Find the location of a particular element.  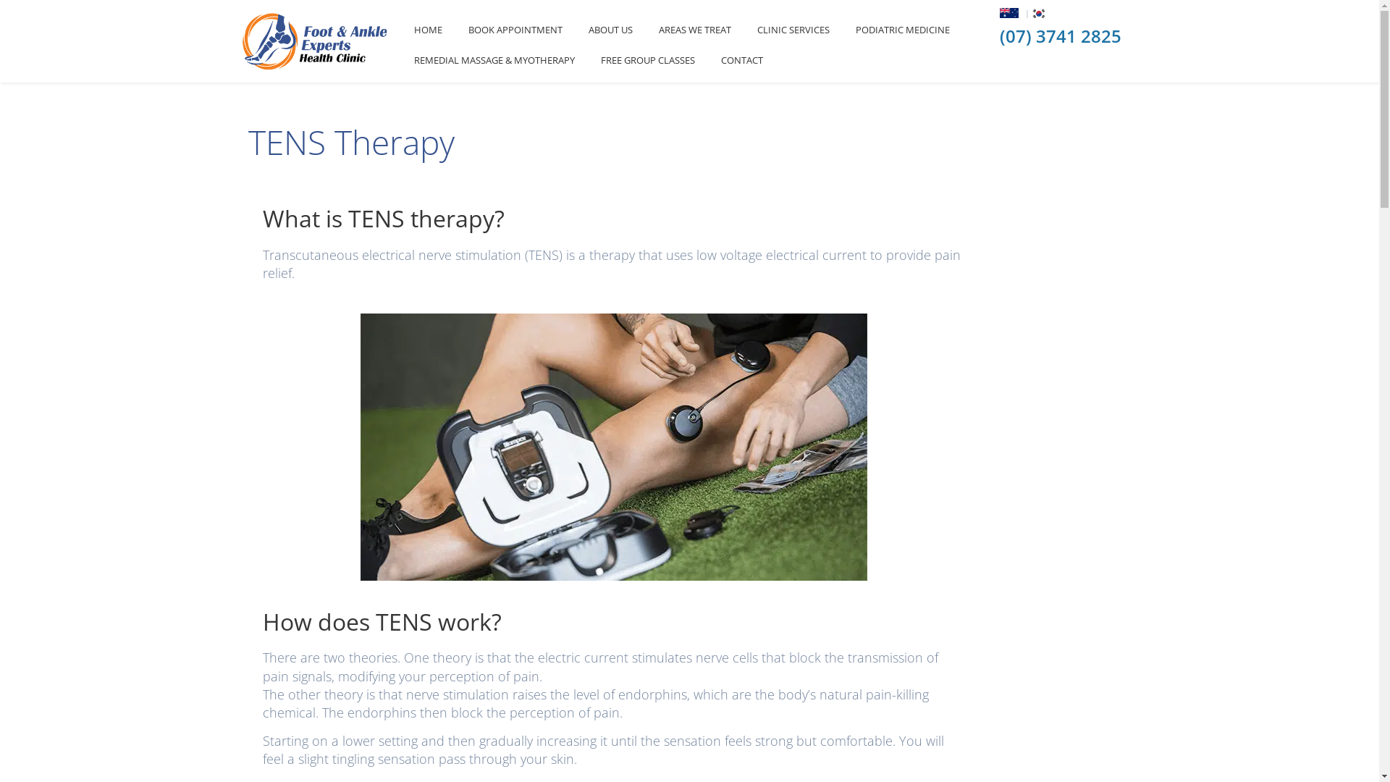

'Foot & Ankle Experts Health Clinic' is located at coordinates (314, 40).